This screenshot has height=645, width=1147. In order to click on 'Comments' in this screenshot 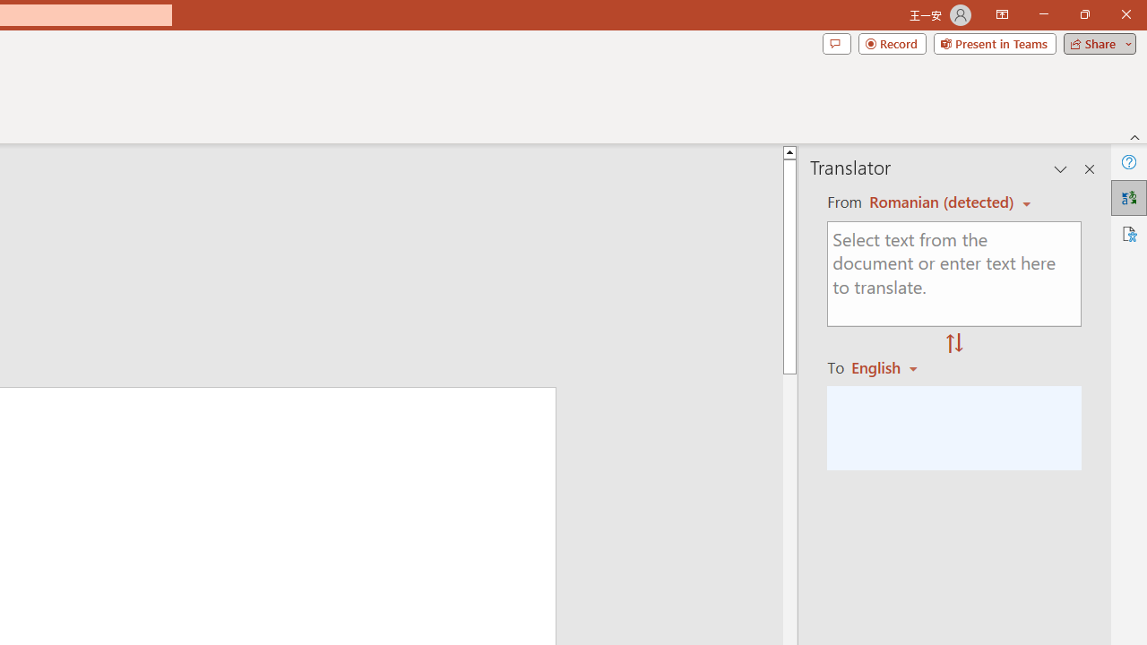, I will do `click(835, 42)`.